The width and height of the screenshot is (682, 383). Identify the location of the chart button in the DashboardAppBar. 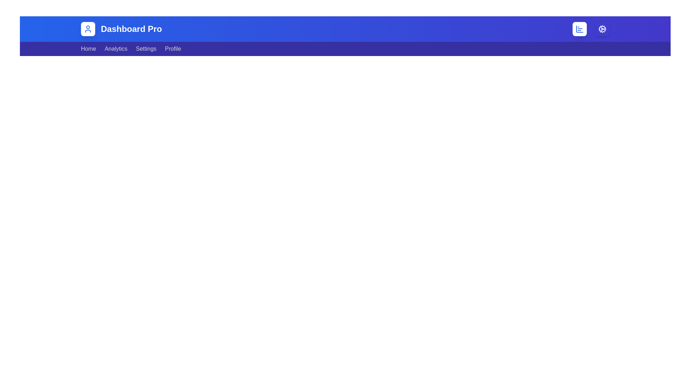
(580, 28).